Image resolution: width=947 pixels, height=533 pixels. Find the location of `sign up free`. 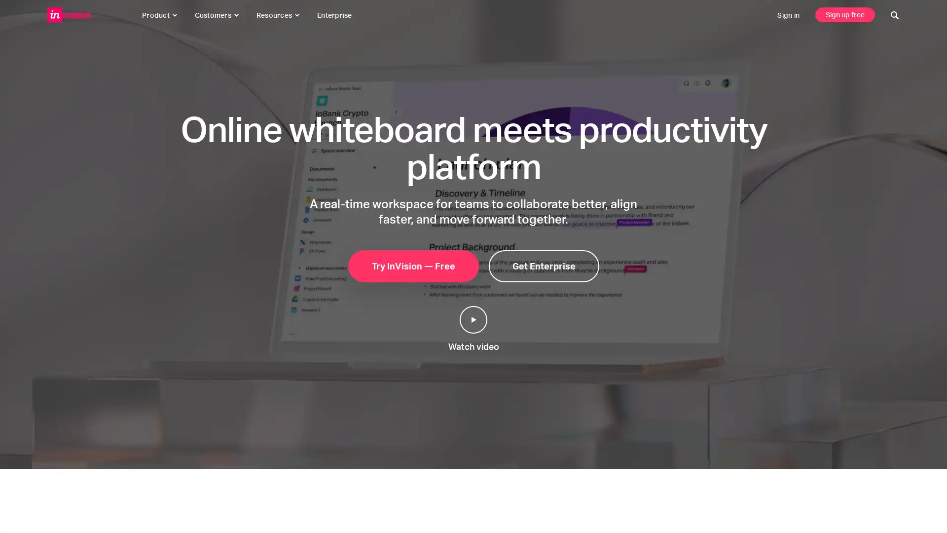

sign up free is located at coordinates (844, 14).